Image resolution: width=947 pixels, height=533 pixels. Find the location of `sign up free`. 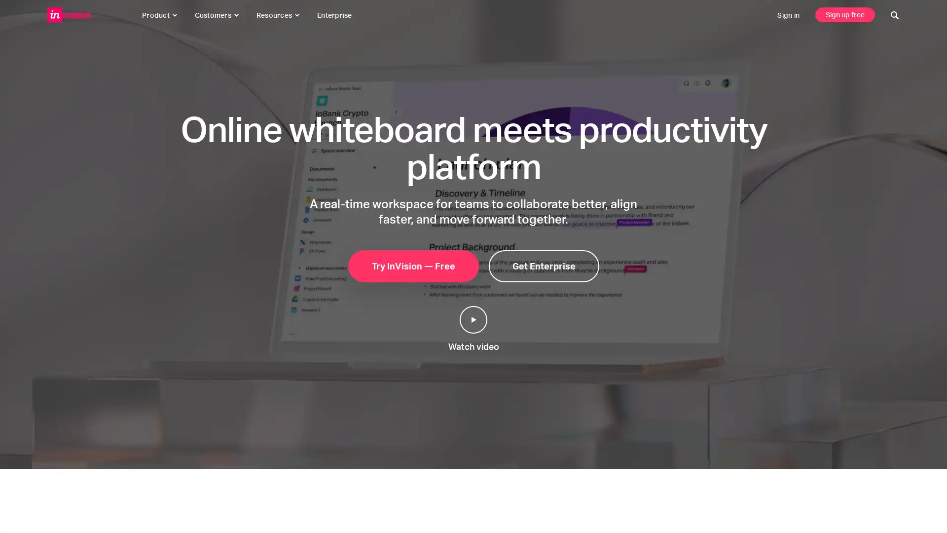

sign up free is located at coordinates (844, 14).